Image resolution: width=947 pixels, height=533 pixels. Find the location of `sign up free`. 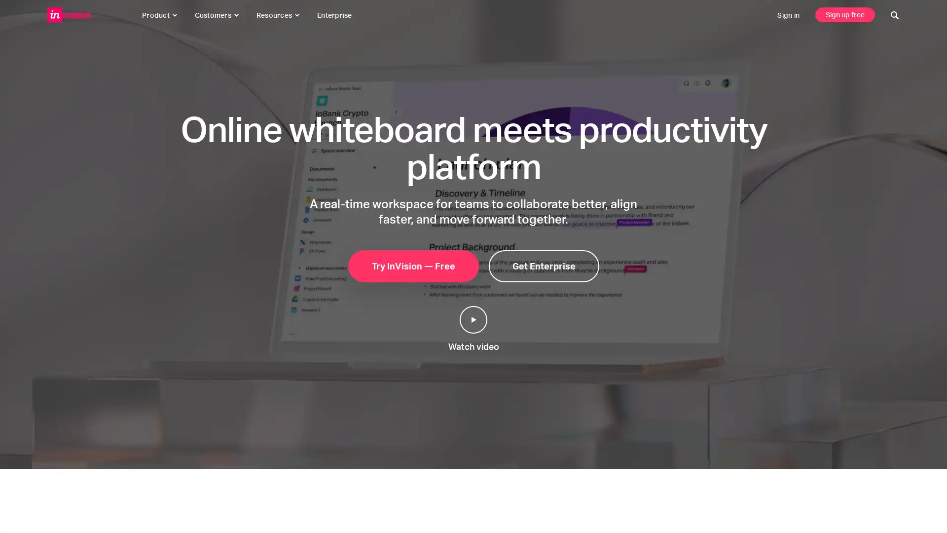

sign up free is located at coordinates (844, 14).